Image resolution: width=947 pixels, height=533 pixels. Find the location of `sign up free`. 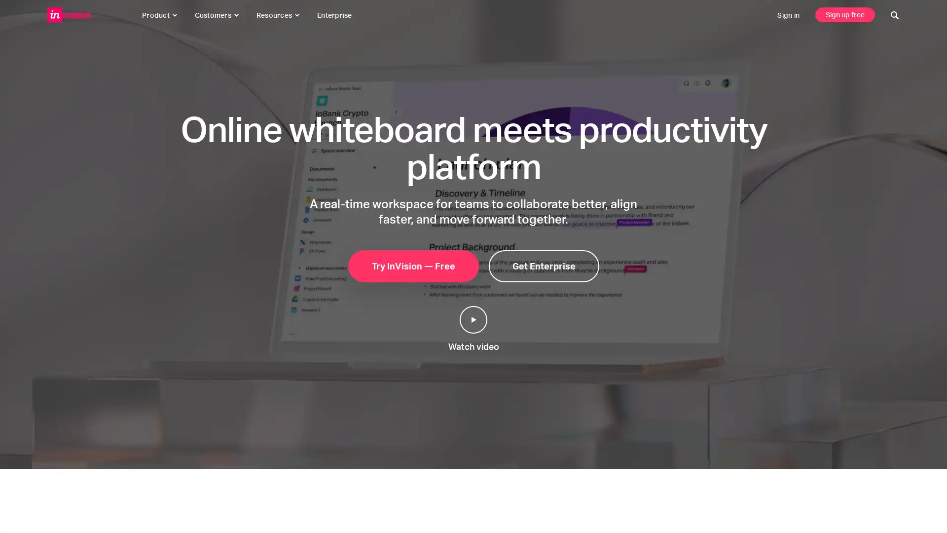

sign up free is located at coordinates (844, 14).